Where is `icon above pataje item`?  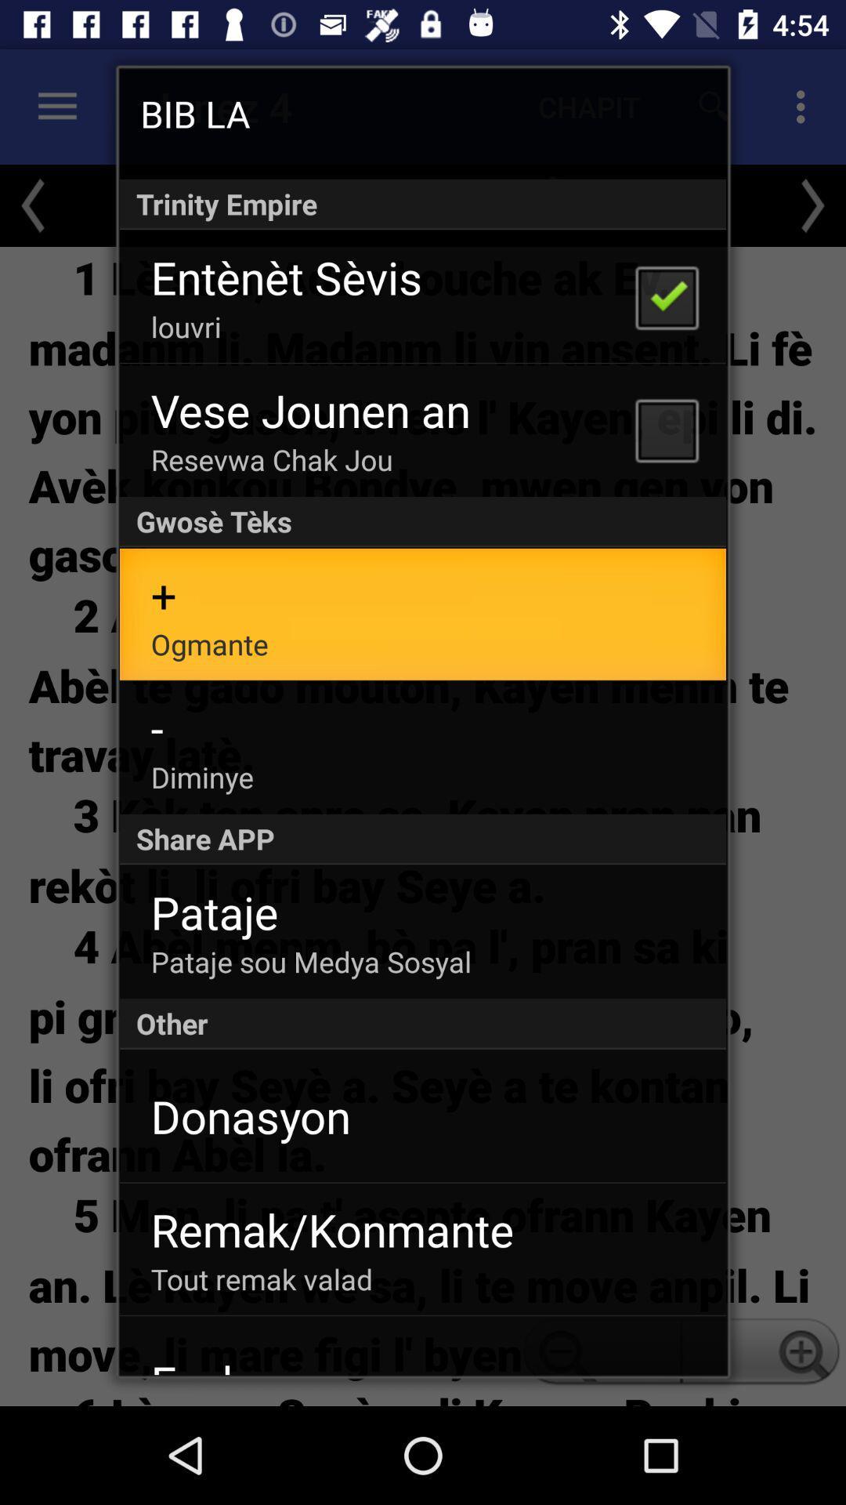 icon above pataje item is located at coordinates (423, 838).